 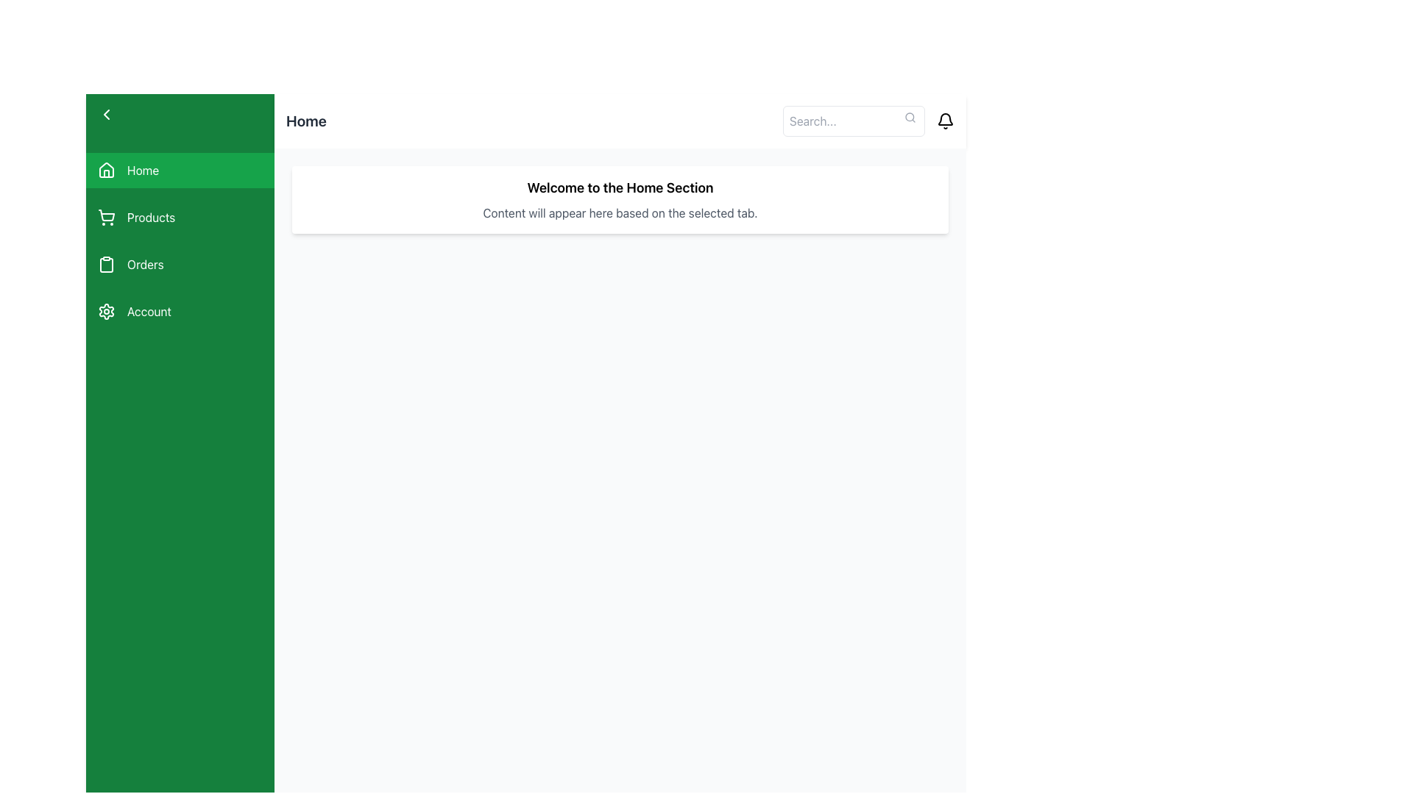 What do you see at coordinates (105, 263) in the screenshot?
I see `the clipboard icon representing the 'Orders' section in the vertical navigation menu` at bounding box center [105, 263].